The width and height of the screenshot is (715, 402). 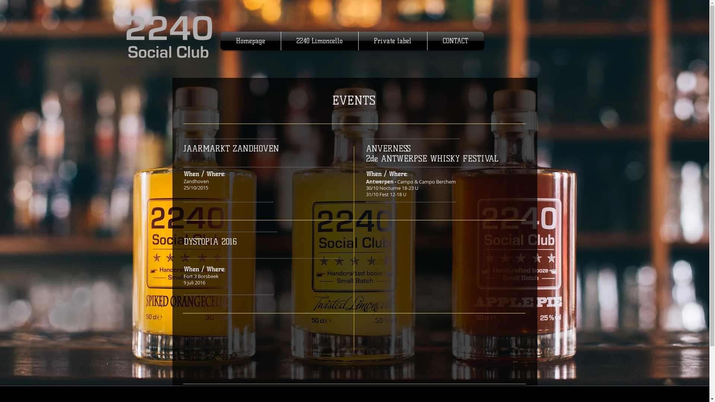 What do you see at coordinates (455, 41) in the screenshot?
I see `'CONTACT'` at bounding box center [455, 41].